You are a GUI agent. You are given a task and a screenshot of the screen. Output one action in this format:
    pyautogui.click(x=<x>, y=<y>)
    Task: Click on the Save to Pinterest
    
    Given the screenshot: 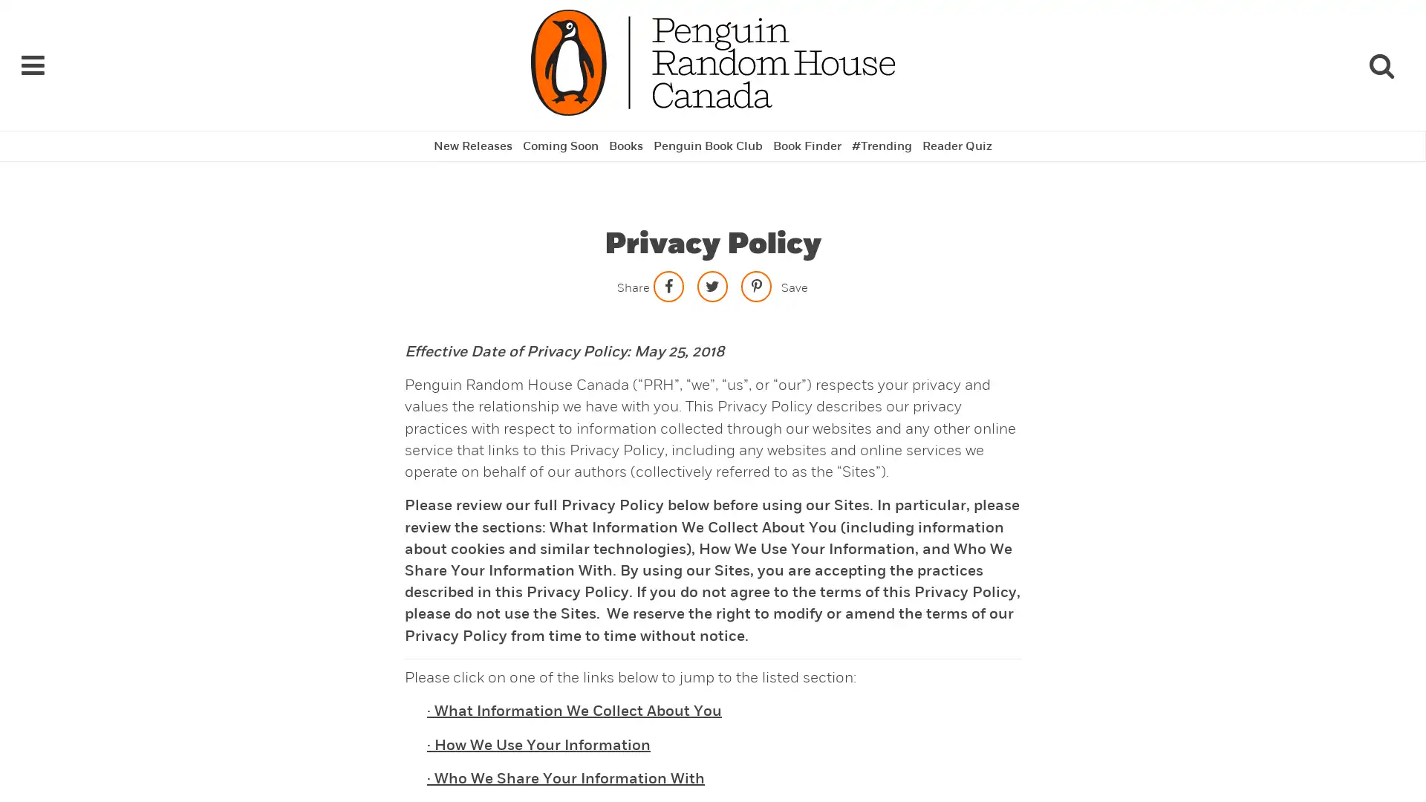 What is the action you would take?
    pyautogui.click(x=755, y=236)
    